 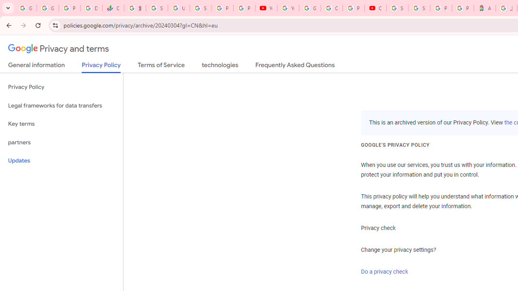 What do you see at coordinates (266, 8) in the screenshot?
I see `'YouTube'` at bounding box center [266, 8].